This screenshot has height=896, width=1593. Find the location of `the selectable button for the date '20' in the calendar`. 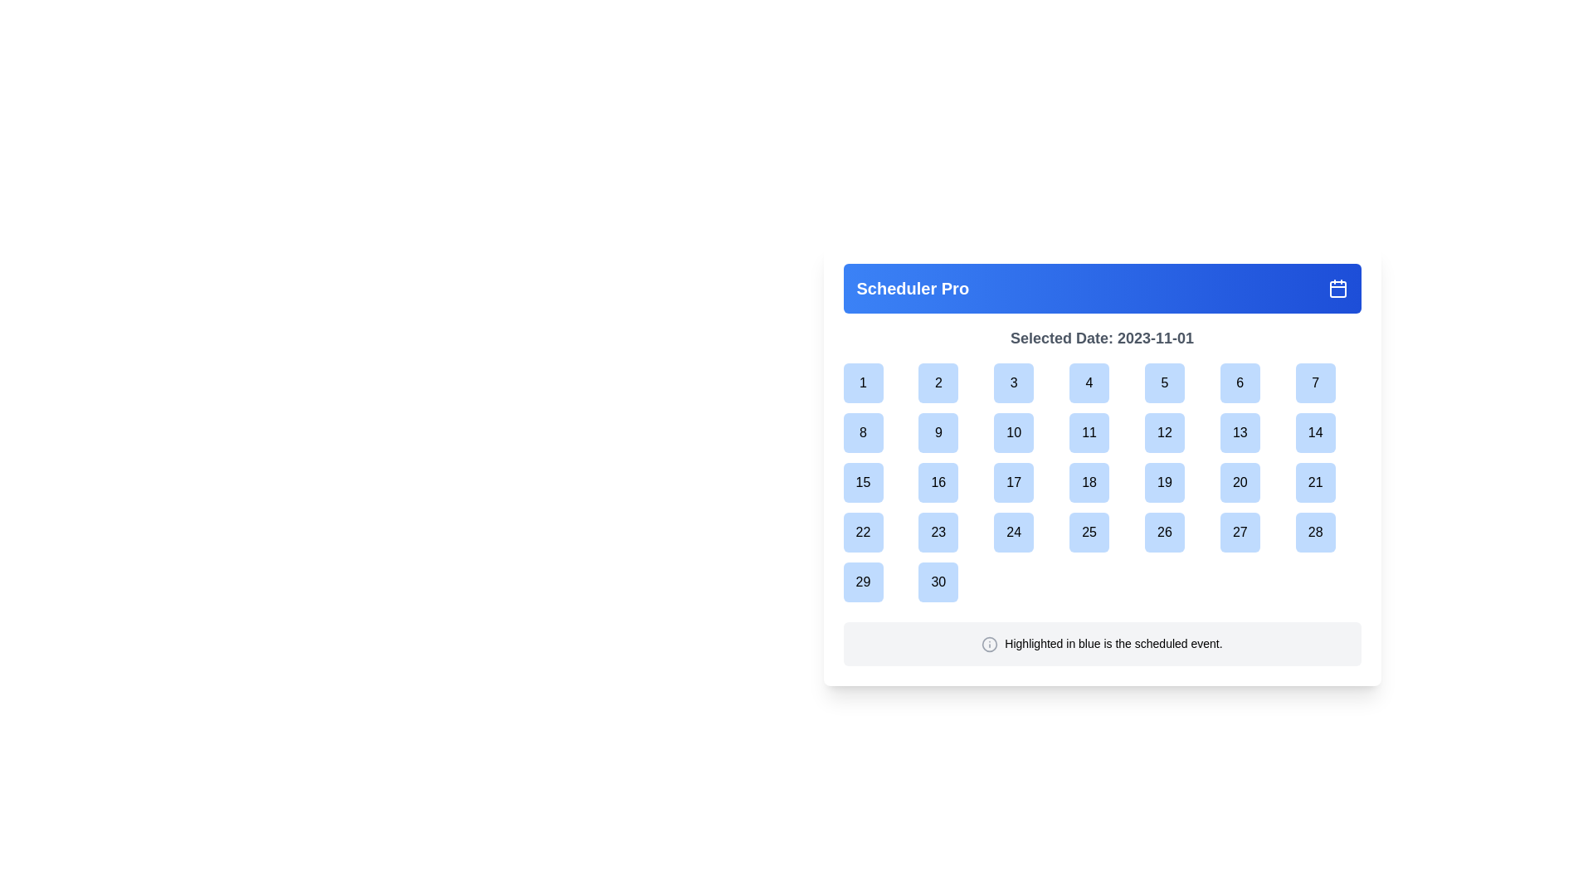

the selectable button for the date '20' in the calendar is located at coordinates (1240, 483).